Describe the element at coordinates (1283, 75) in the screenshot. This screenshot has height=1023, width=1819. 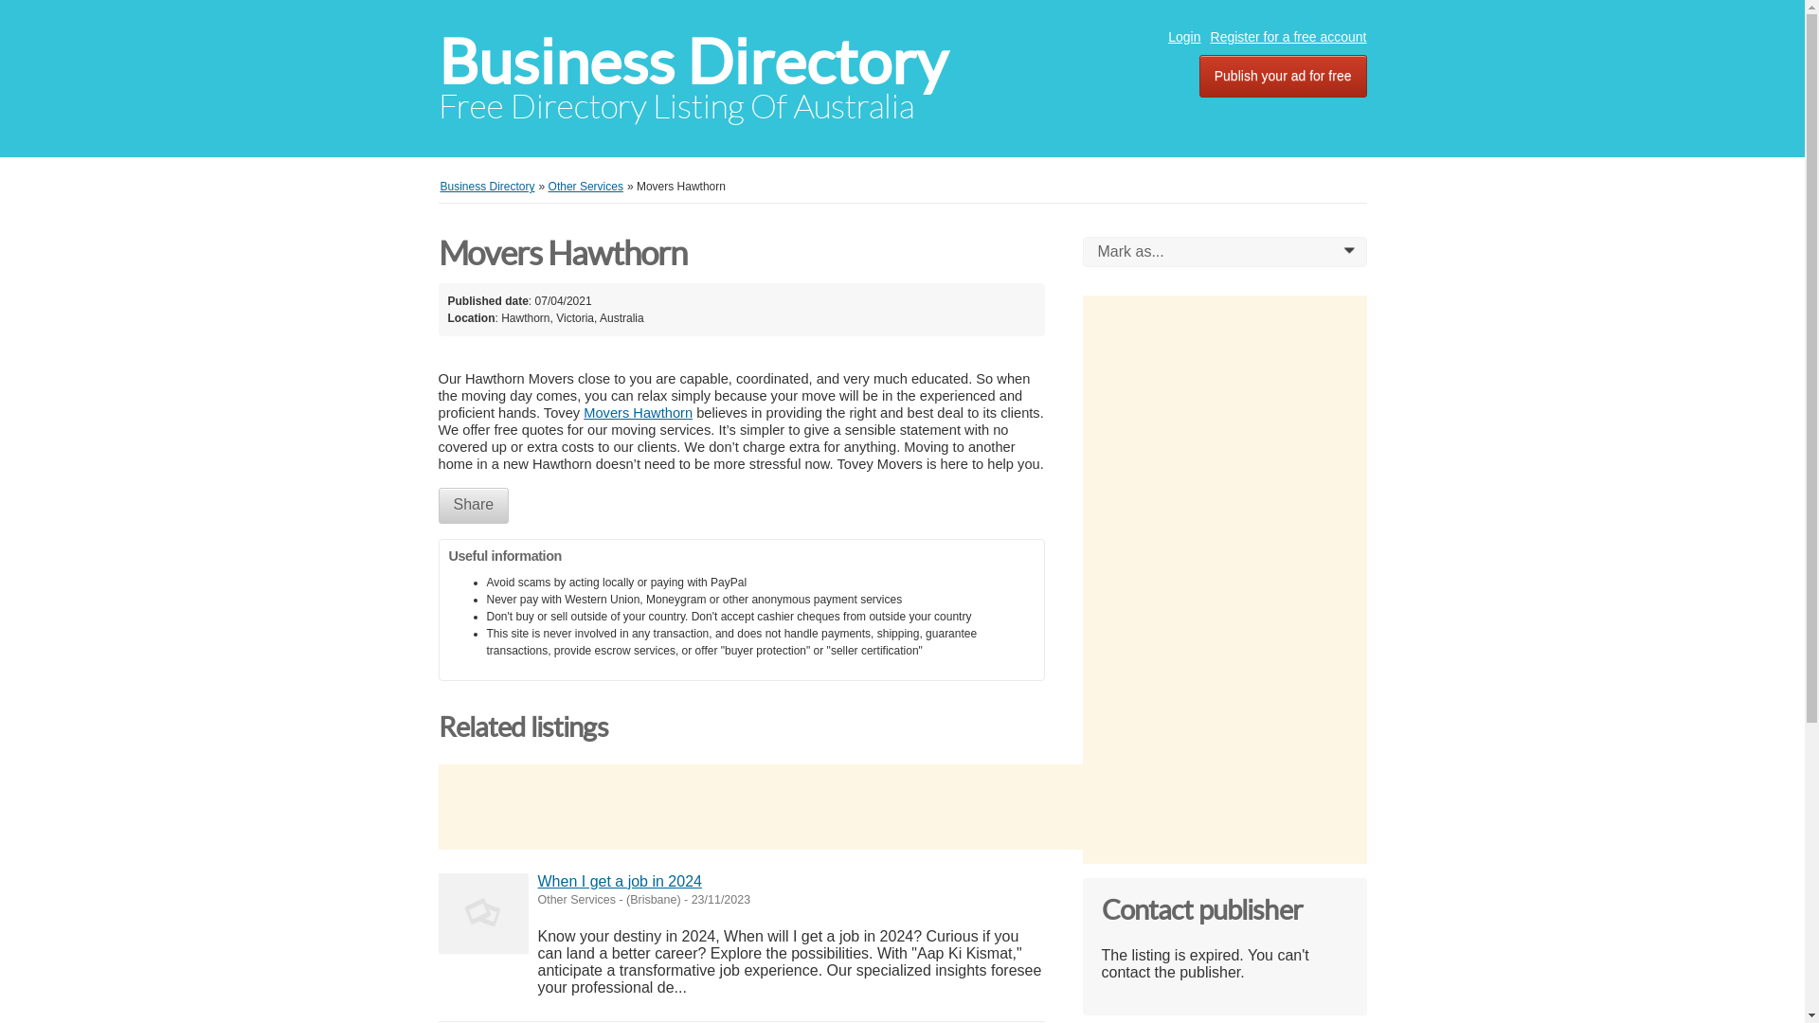
I see `'Publish your ad for free'` at that location.